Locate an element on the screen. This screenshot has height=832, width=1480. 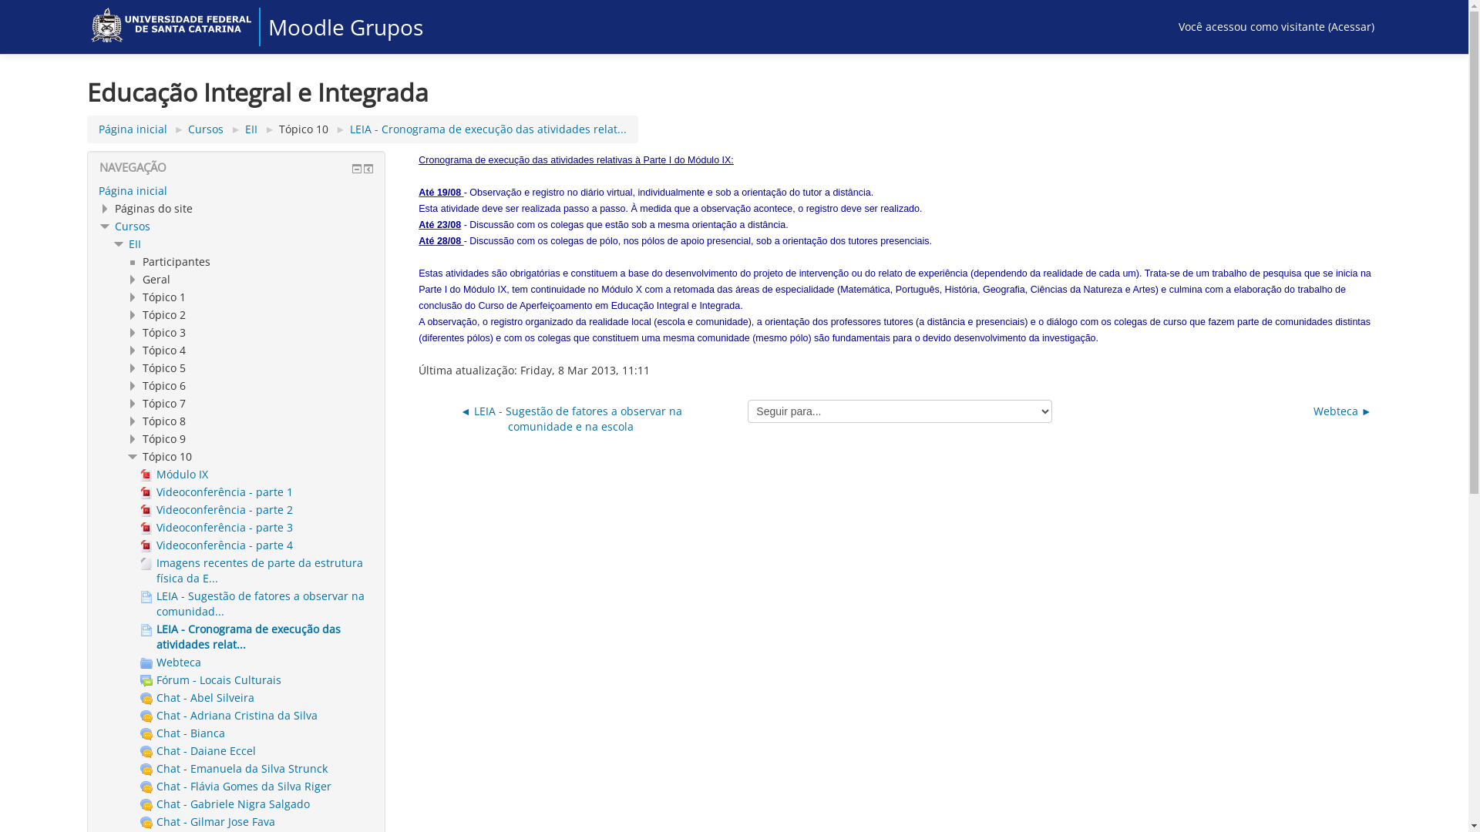
'Chat - Bianca' is located at coordinates (182, 732).